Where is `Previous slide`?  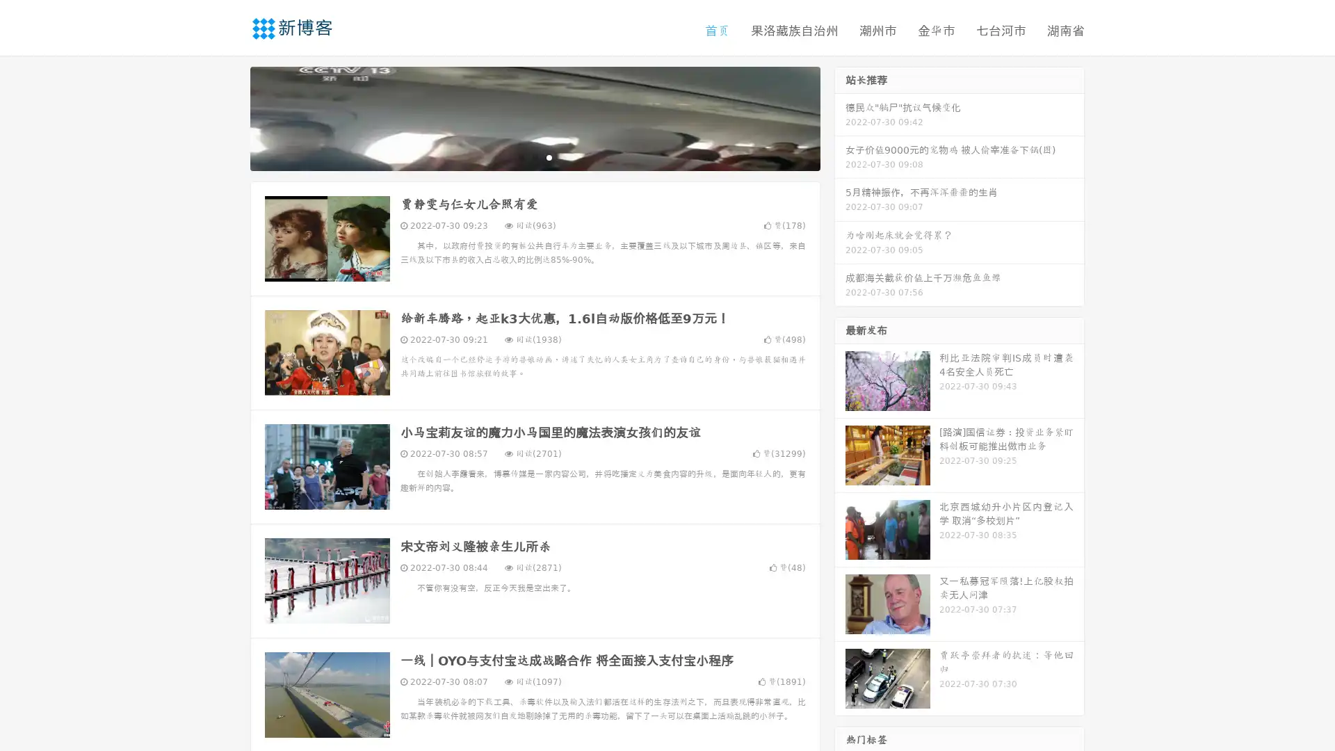 Previous slide is located at coordinates (229, 117).